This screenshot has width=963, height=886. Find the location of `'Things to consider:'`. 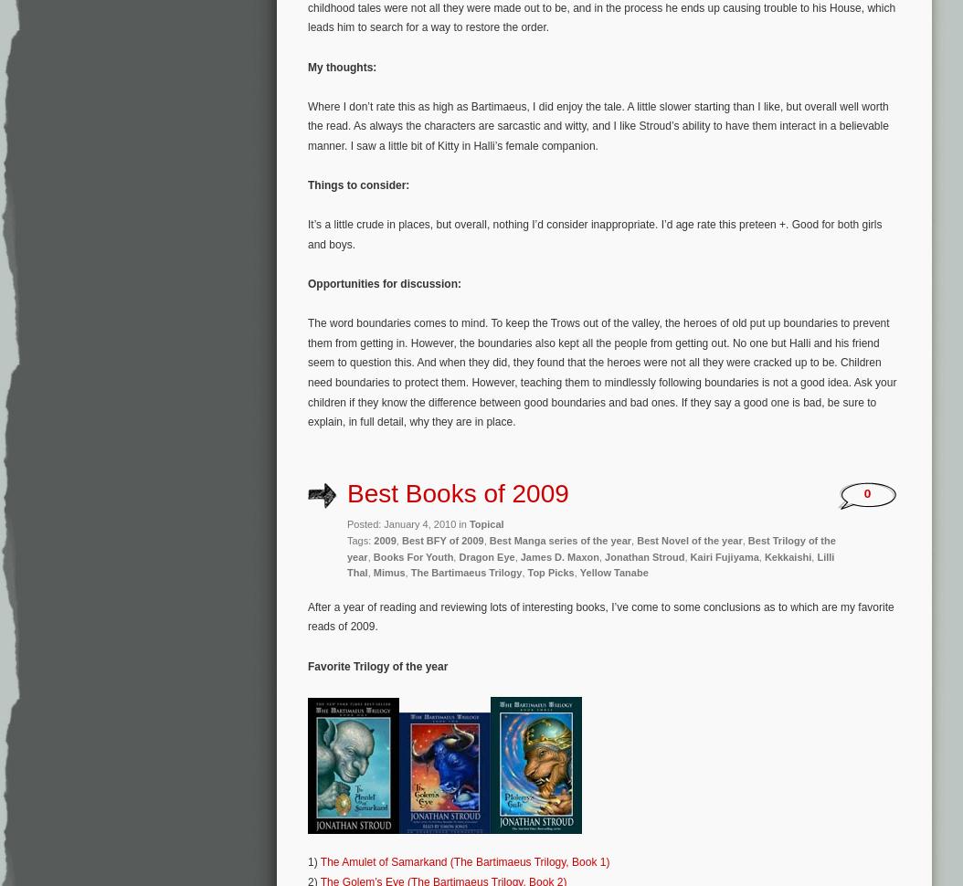

'Things to consider:' is located at coordinates (307, 185).